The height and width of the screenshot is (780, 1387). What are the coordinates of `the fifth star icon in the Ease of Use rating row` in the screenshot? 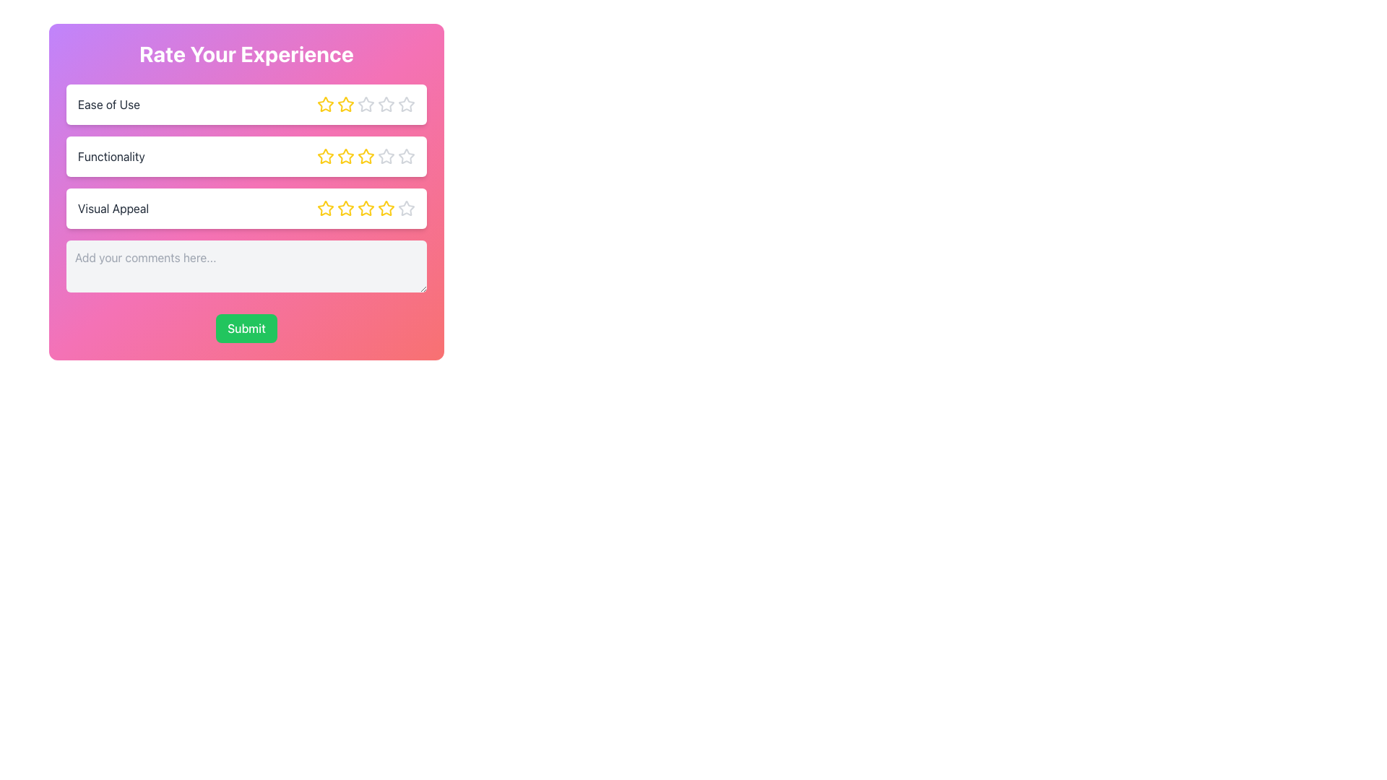 It's located at (405, 104).